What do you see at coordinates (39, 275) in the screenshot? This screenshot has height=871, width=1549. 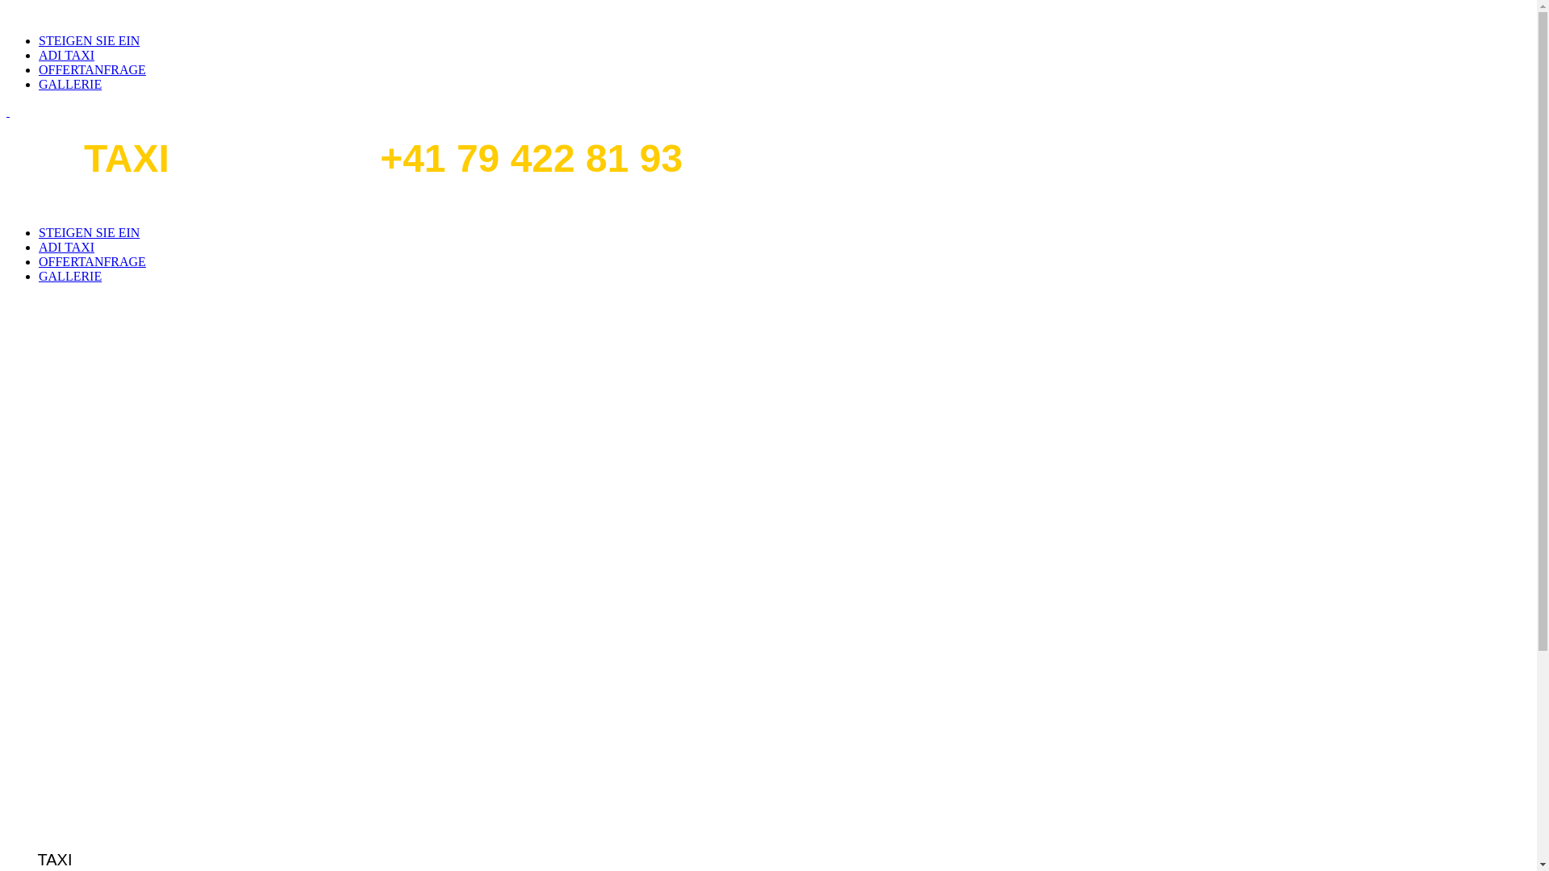 I see `'GALLERIE'` at bounding box center [39, 275].